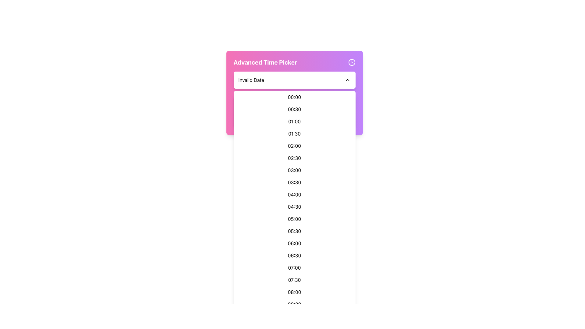 The image size is (585, 329). Describe the element at coordinates (294, 109) in the screenshot. I see `the selectable list item displaying '00:30' in the dropdown menu` at that location.